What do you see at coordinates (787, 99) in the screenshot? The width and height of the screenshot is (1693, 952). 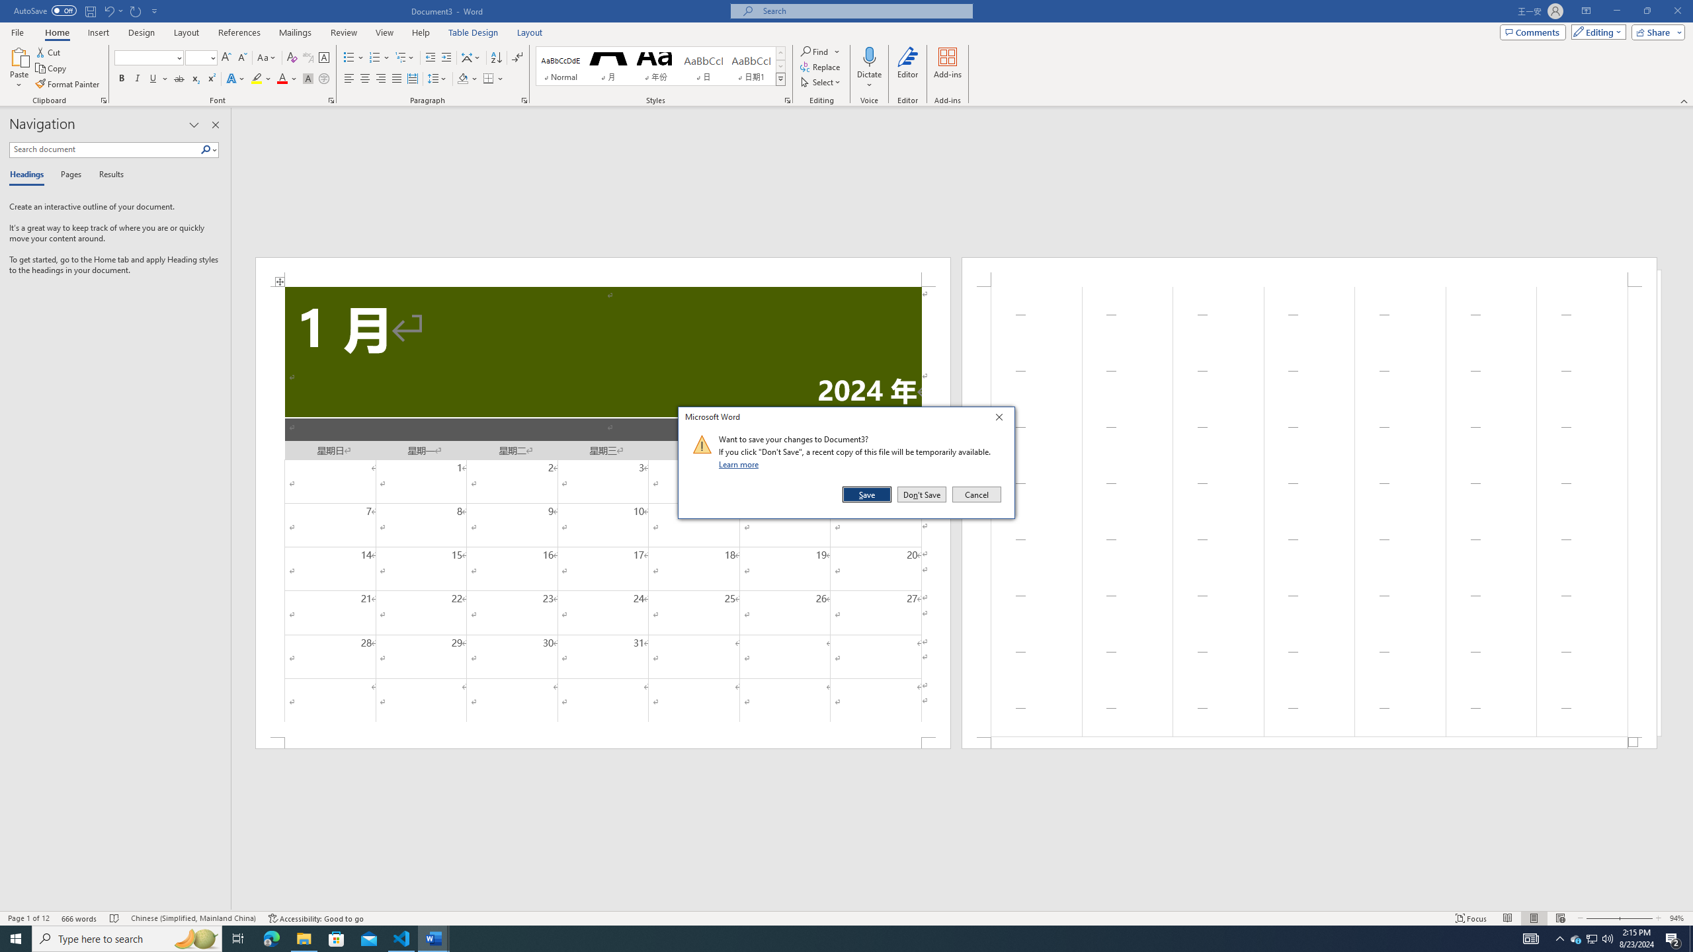 I see `'Styles...'` at bounding box center [787, 99].